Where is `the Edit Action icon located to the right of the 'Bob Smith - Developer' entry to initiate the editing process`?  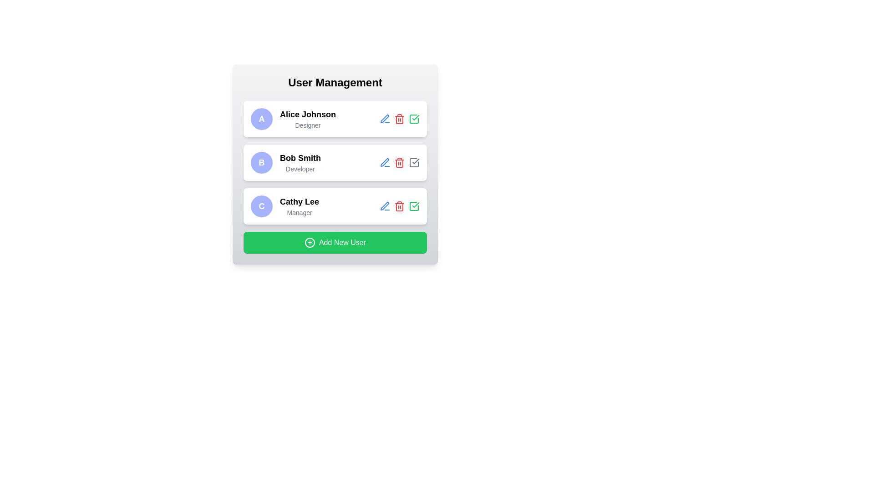
the Edit Action icon located to the right of the 'Bob Smith - Developer' entry to initiate the editing process is located at coordinates (385, 118).